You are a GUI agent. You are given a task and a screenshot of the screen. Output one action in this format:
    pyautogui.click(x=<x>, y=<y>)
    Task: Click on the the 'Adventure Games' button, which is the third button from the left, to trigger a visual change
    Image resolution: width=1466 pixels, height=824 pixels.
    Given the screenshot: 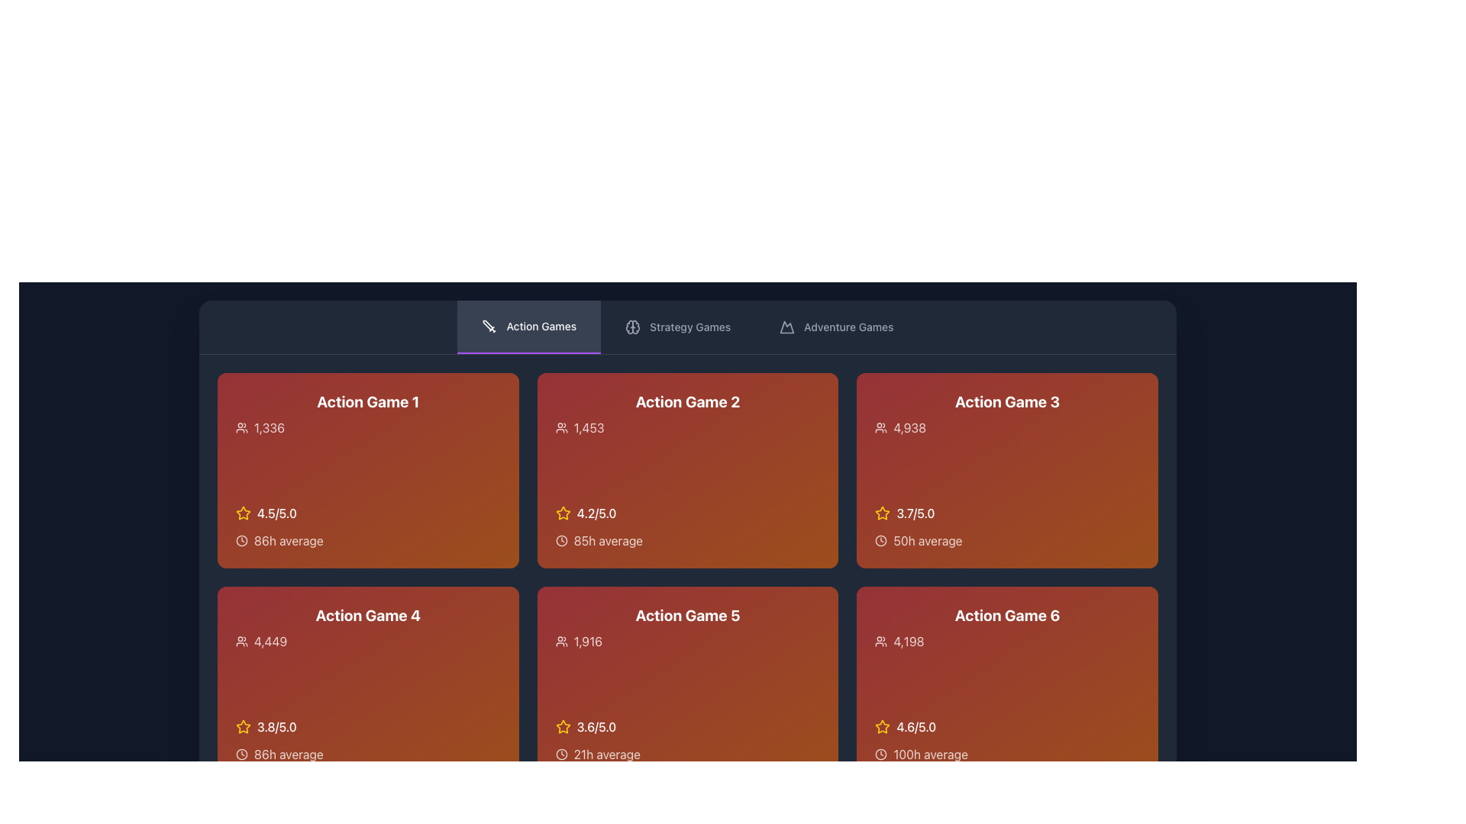 What is the action you would take?
    pyautogui.click(x=835, y=326)
    